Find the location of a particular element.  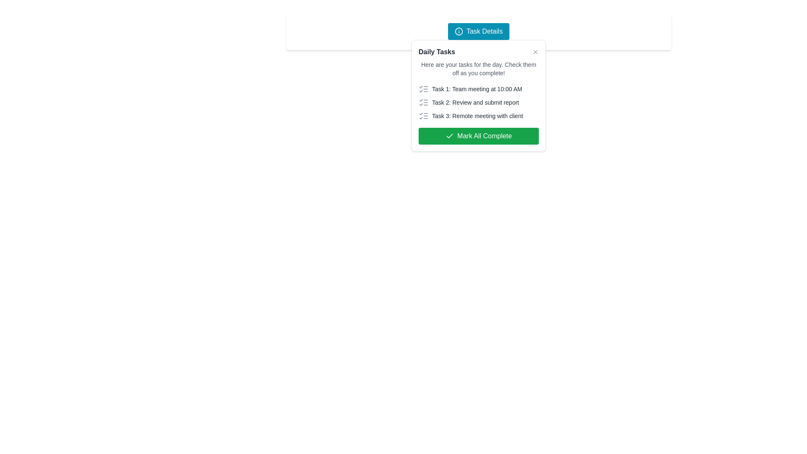

the first circular graphical element with a blue outer rim and a white center located next to the 'Task Details' button is located at coordinates (458, 31).